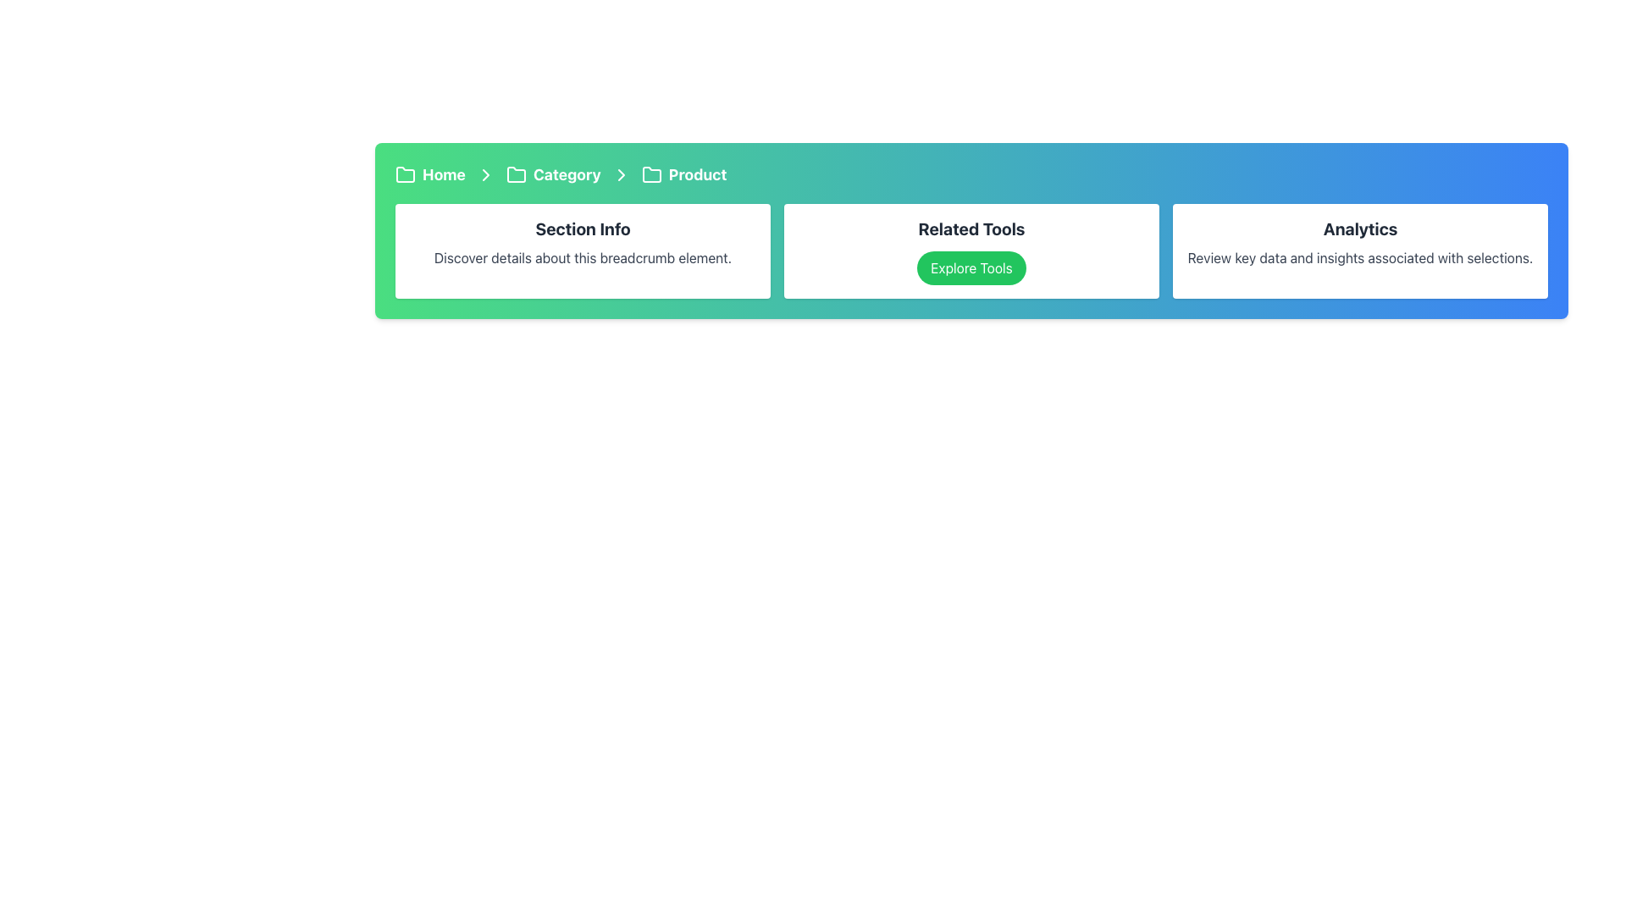 The image size is (1626, 914). Describe the element at coordinates (620, 175) in the screenshot. I see `the chevron arrow icon in the breadcrumb navigation, which is positioned between the text 'Category' and 'Product'` at that location.